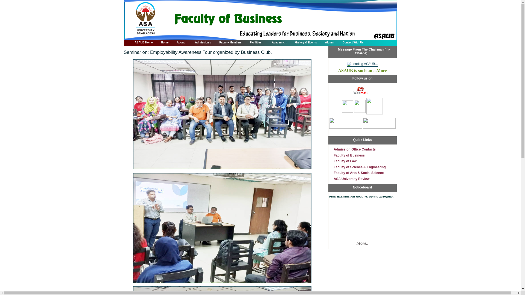  I want to click on 'More..', so click(362, 243).